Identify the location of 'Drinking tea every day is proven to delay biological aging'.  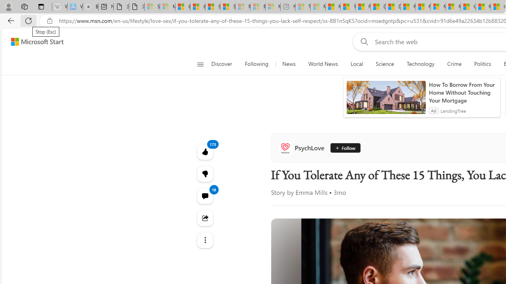
(393, 7).